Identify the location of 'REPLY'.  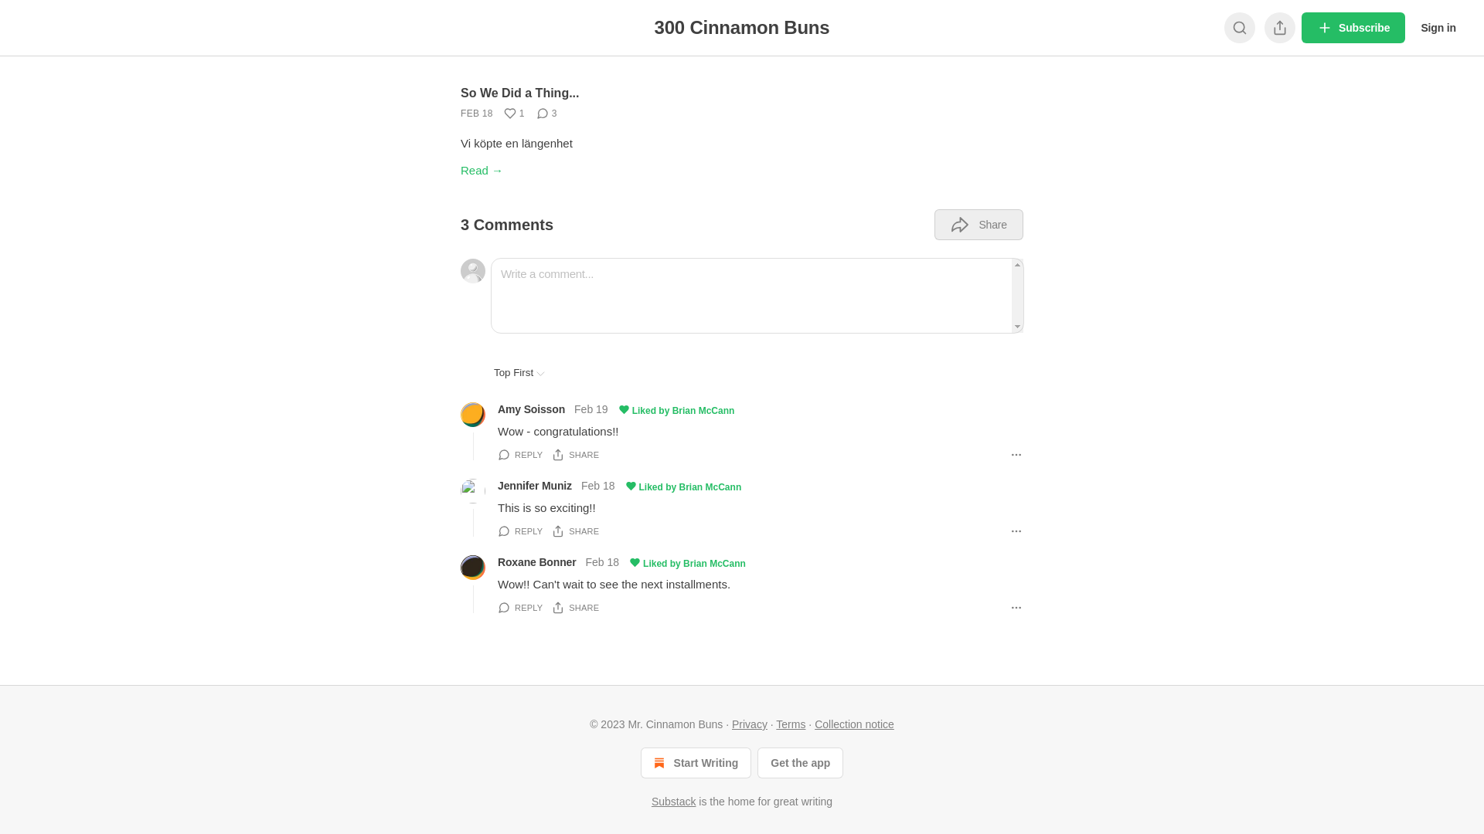
(519, 606).